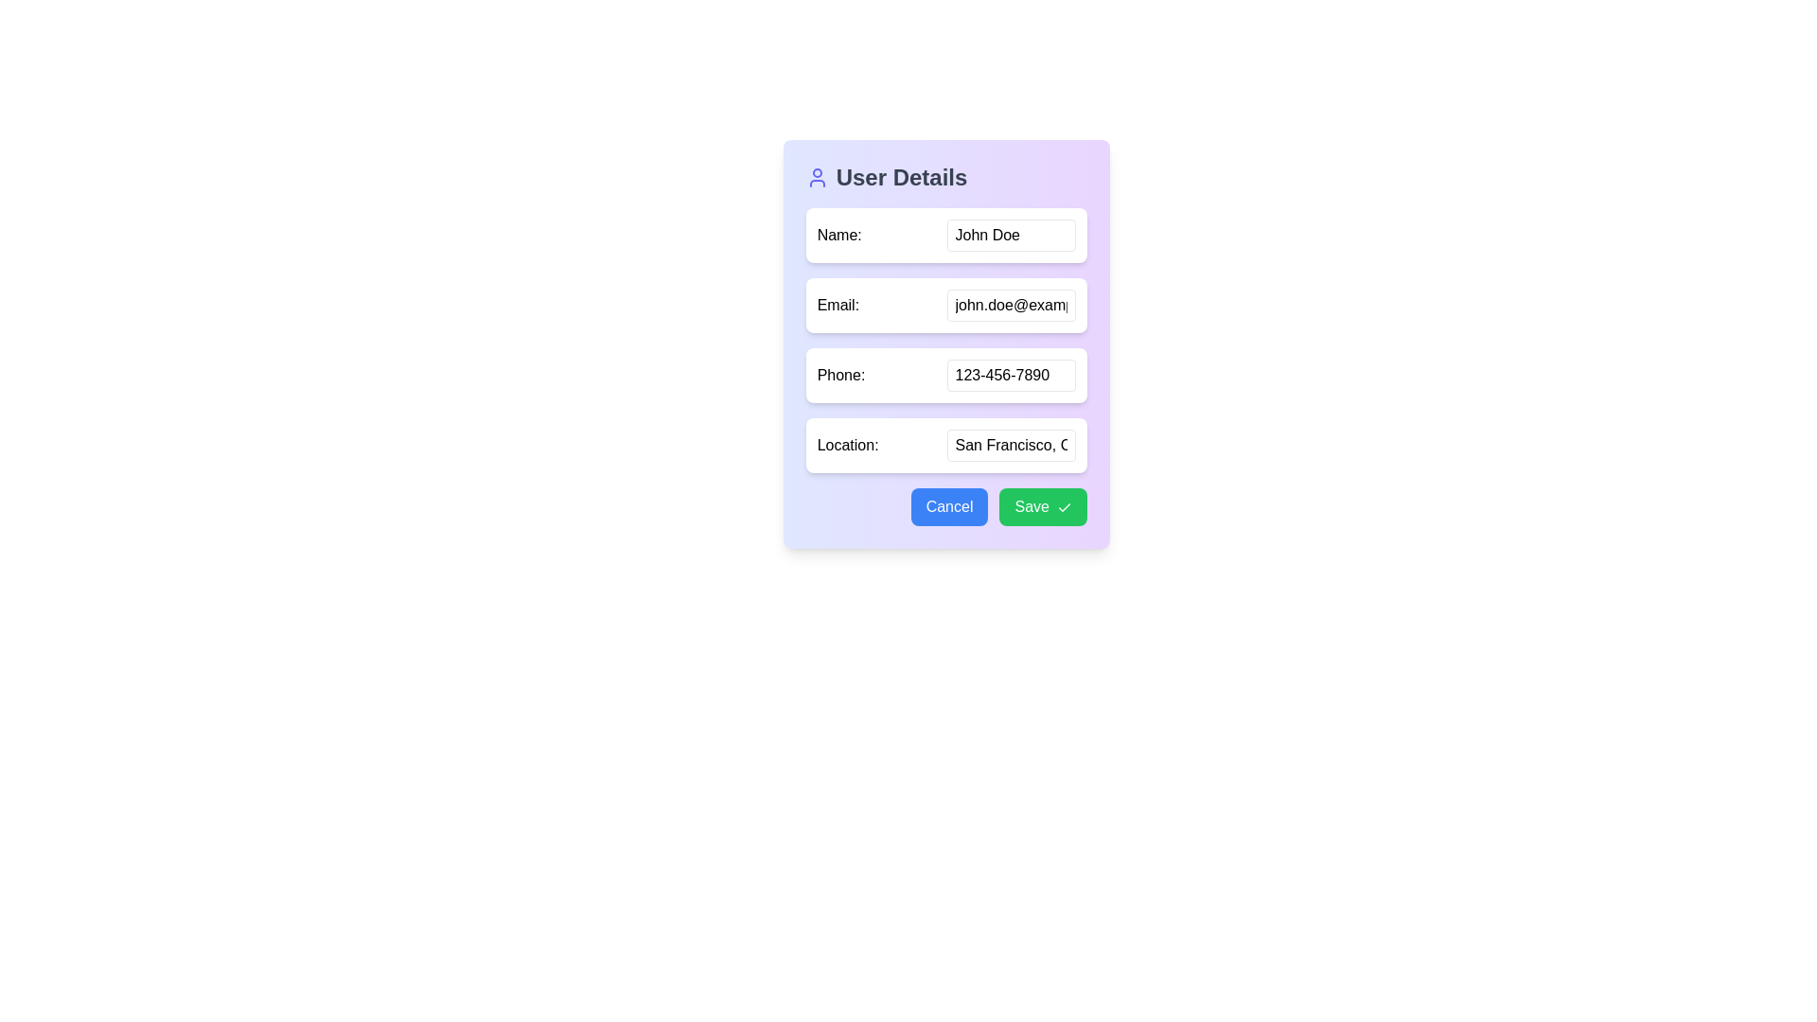 The image size is (1817, 1022). What do you see at coordinates (838, 235) in the screenshot?
I see `the static text label element displaying 'Name:' which is positioned to the left of the input field containing 'John Doe'` at bounding box center [838, 235].